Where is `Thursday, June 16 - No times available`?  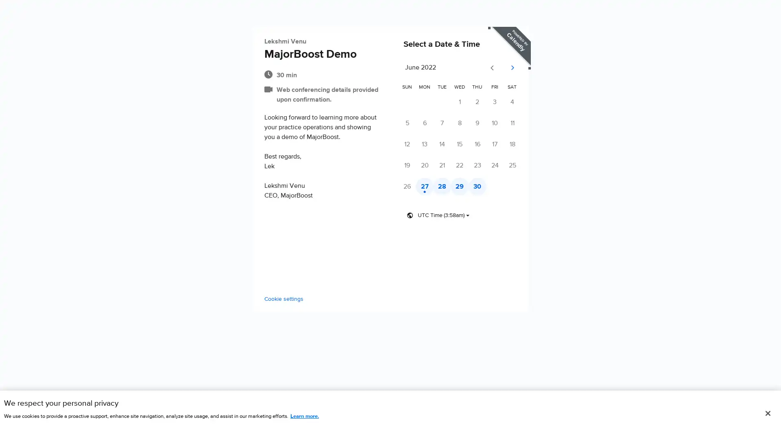
Thursday, June 16 - No times available is located at coordinates (492, 144).